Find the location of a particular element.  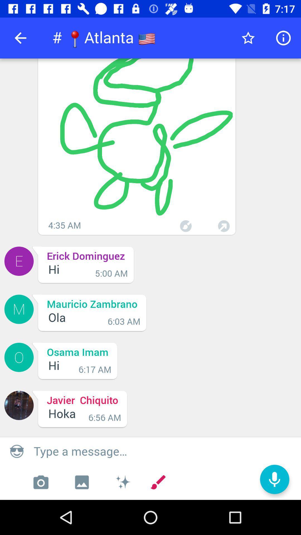

the edit icon is located at coordinates (158, 482).